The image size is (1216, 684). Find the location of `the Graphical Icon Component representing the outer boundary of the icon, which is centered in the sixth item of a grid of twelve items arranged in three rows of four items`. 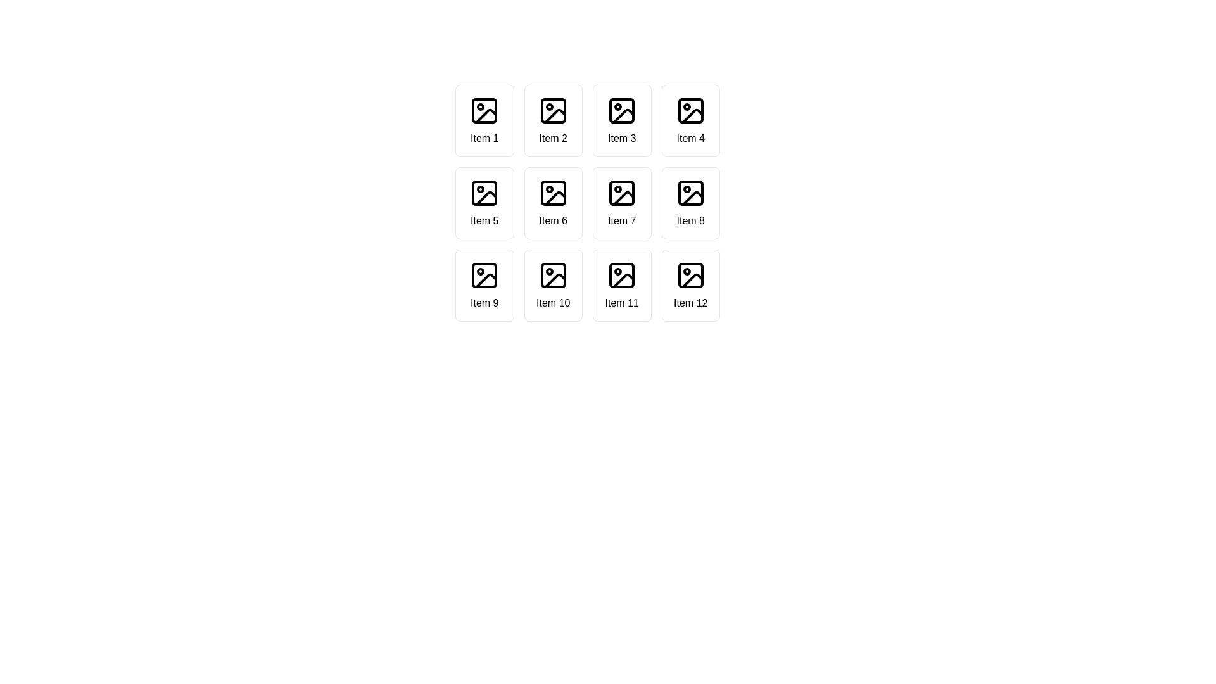

the Graphical Icon Component representing the outer boundary of the icon, which is centered in the sixth item of a grid of twelve items arranged in three rows of four items is located at coordinates (553, 193).